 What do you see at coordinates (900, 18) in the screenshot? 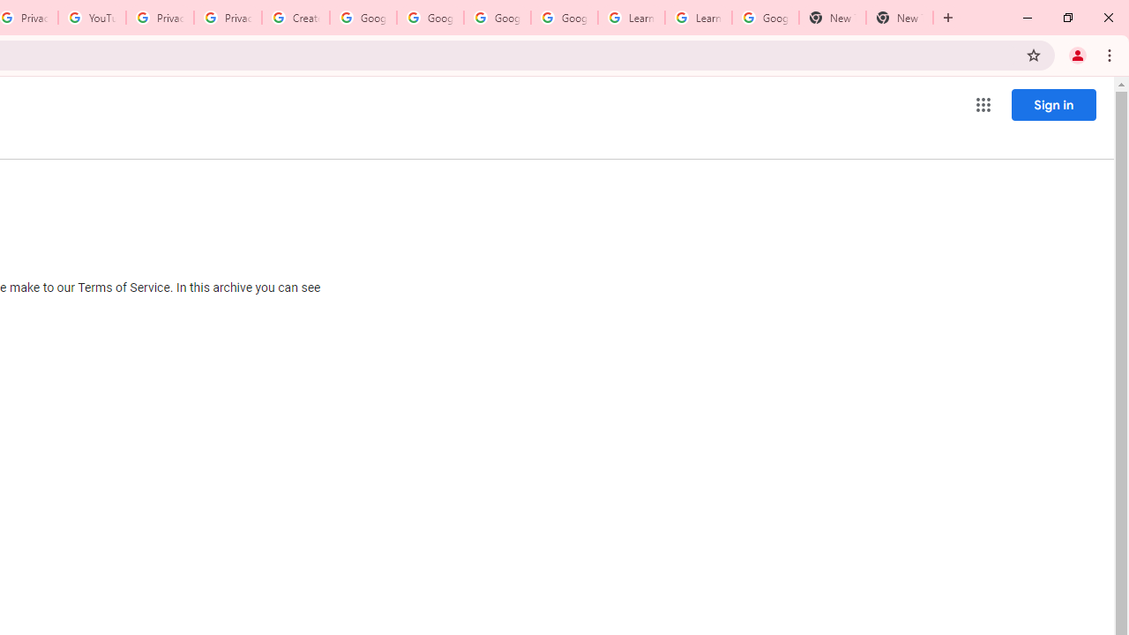
I see `'New Tab'` at bounding box center [900, 18].